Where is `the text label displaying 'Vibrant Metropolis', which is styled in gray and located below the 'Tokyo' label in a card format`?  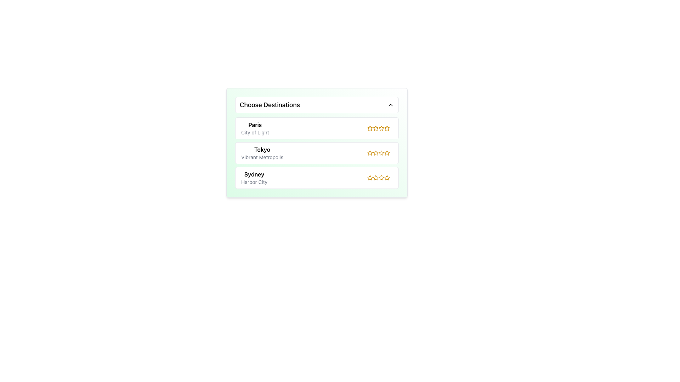
the text label displaying 'Vibrant Metropolis', which is styled in gray and located below the 'Tokyo' label in a card format is located at coordinates (262, 157).